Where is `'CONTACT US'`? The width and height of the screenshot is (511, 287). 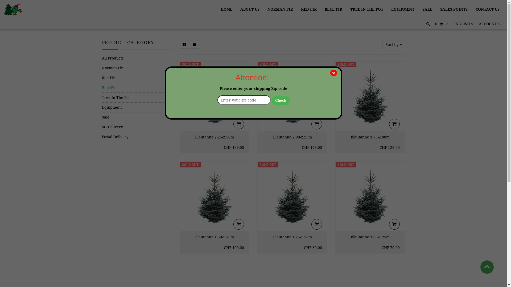 'CONTACT US' is located at coordinates (488, 9).